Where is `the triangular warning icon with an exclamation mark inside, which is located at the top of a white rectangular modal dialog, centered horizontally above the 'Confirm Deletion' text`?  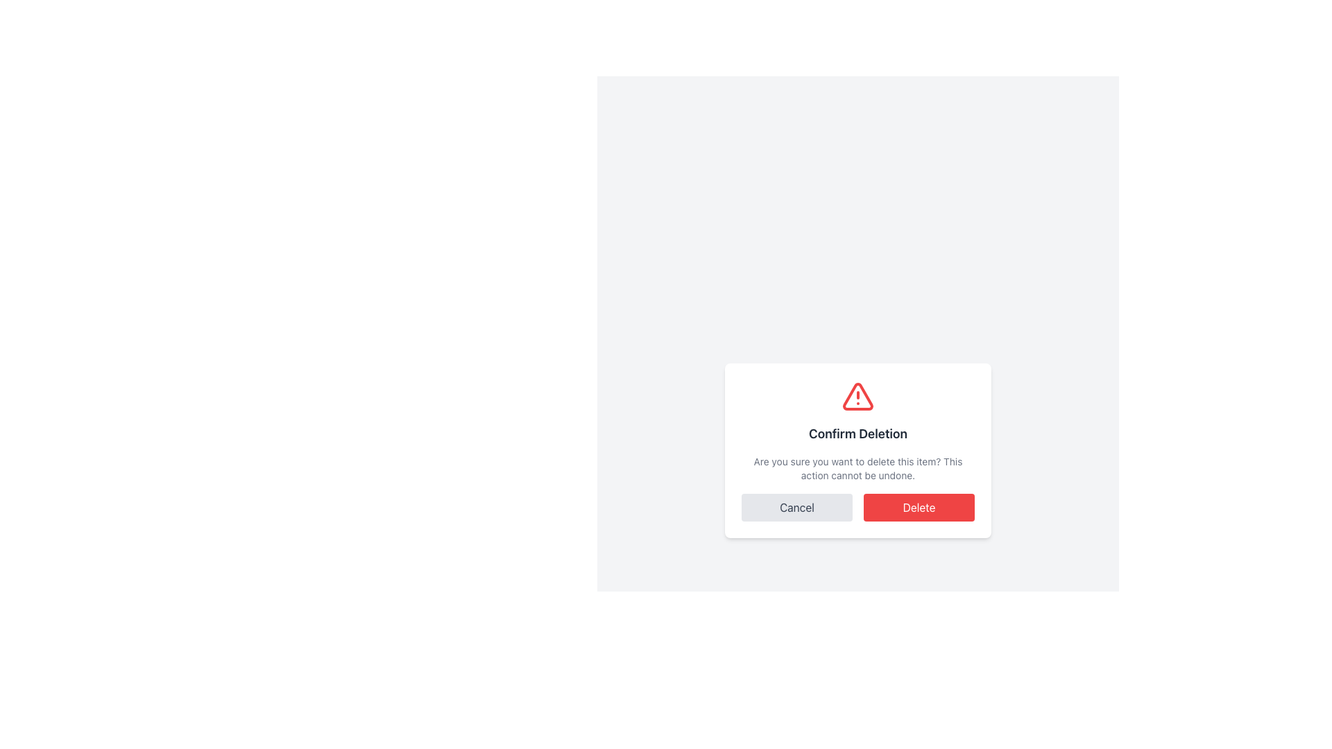 the triangular warning icon with an exclamation mark inside, which is located at the top of a white rectangular modal dialog, centered horizontally above the 'Confirm Deletion' text is located at coordinates (857, 396).